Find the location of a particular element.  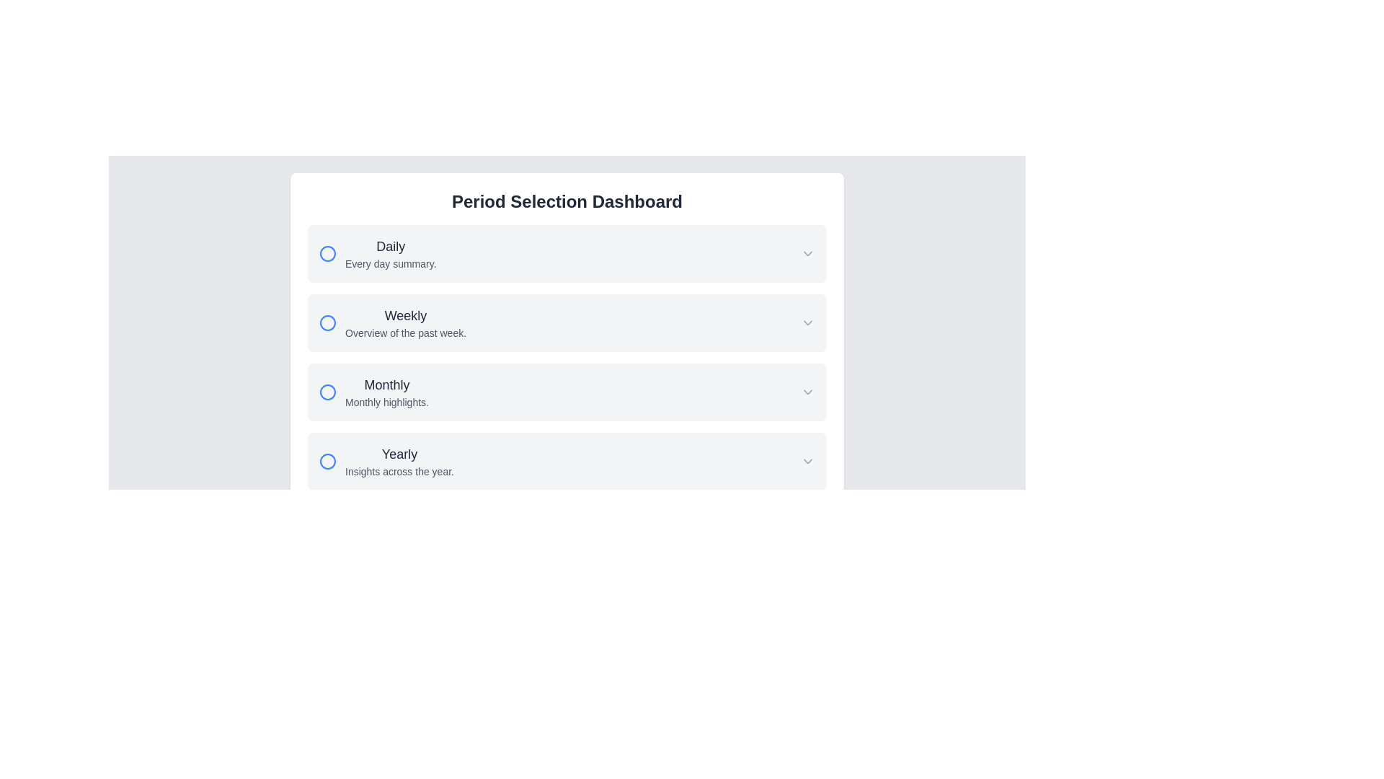

the text label indicating the yearly period option, which is located above the descriptive text 'Insights across the year' in the fourth section of the period selection options is located at coordinates (399, 453).